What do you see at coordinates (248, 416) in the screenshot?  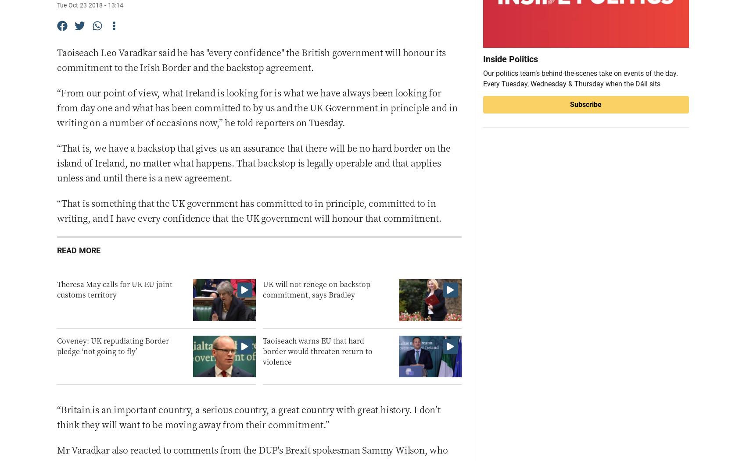 I see `'“Britain is an important country, a serious country, a great country with great history. I don’t think they will want to be moving away from their commitment.”'` at bounding box center [248, 416].